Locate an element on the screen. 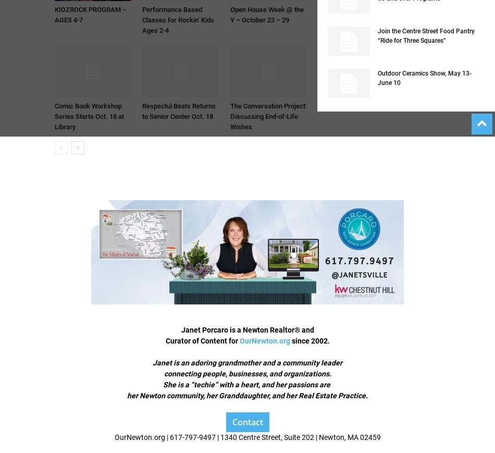 The image size is (495, 453). 'OurNewton.org' is located at coordinates (264, 341).